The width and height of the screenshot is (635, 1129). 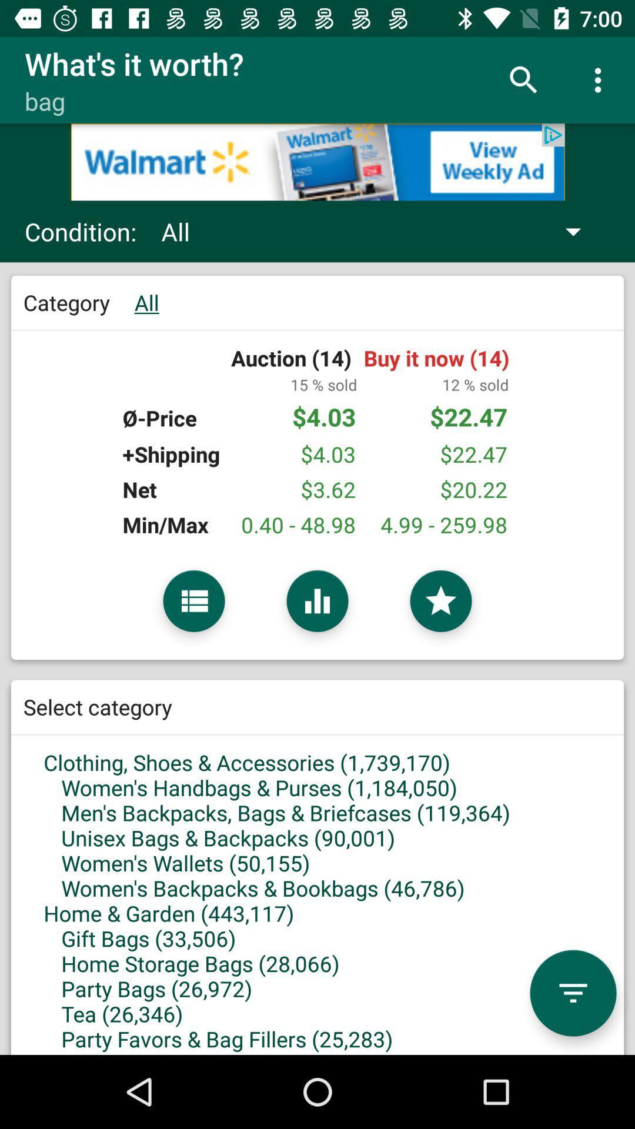 I want to click on the category all box, so click(x=317, y=467).